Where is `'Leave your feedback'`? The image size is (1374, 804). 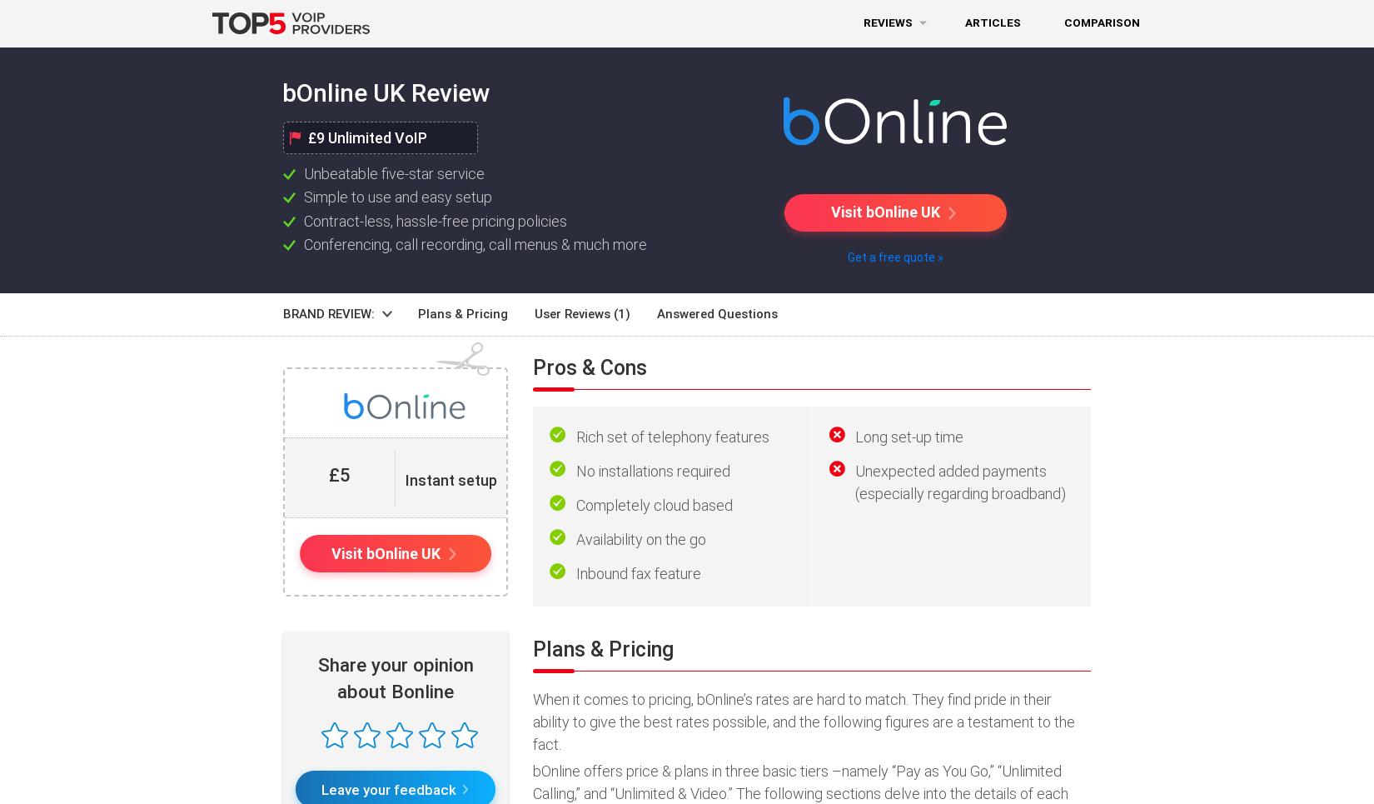
'Leave your feedback' is located at coordinates (320, 788).